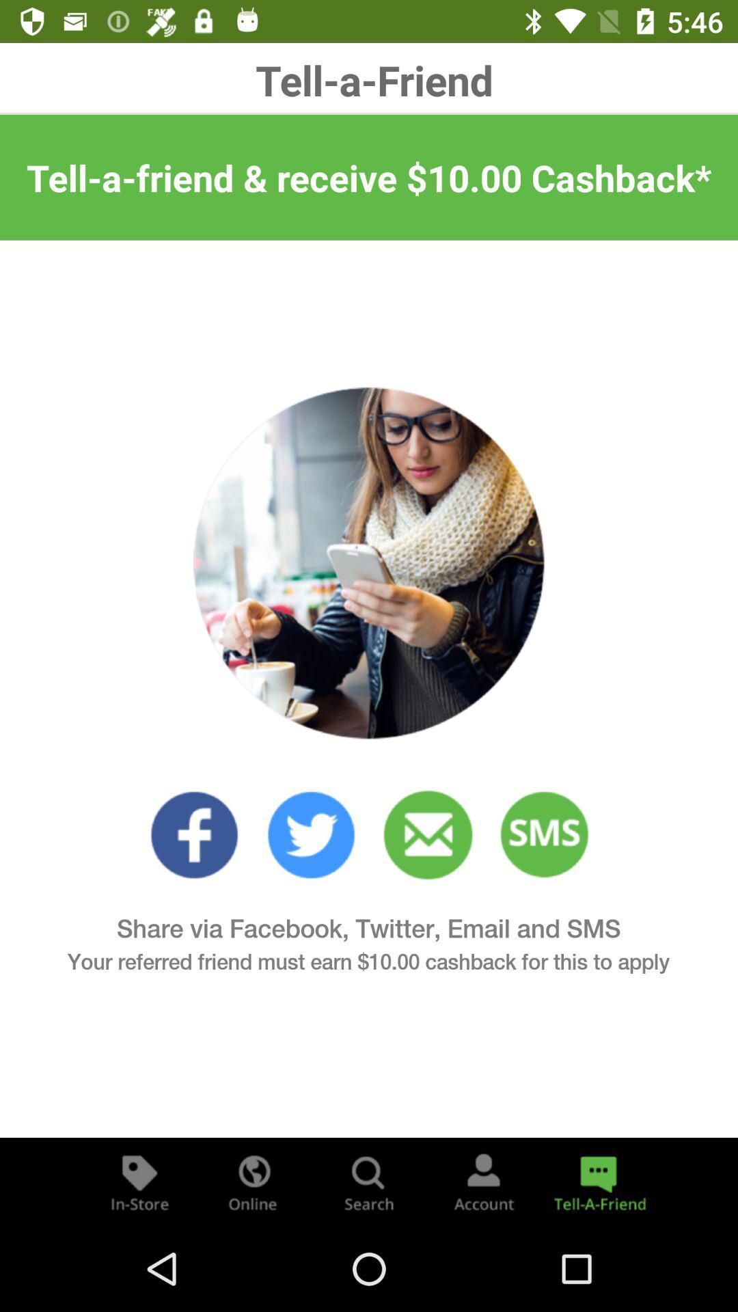  What do you see at coordinates (194, 834) in the screenshot?
I see `share in facebook` at bounding box center [194, 834].